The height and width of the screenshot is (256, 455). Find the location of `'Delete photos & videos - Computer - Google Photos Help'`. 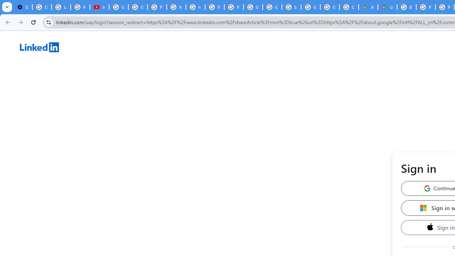

'Delete photos & videos - Computer - Google Photos Help' is located at coordinates (41, 7).